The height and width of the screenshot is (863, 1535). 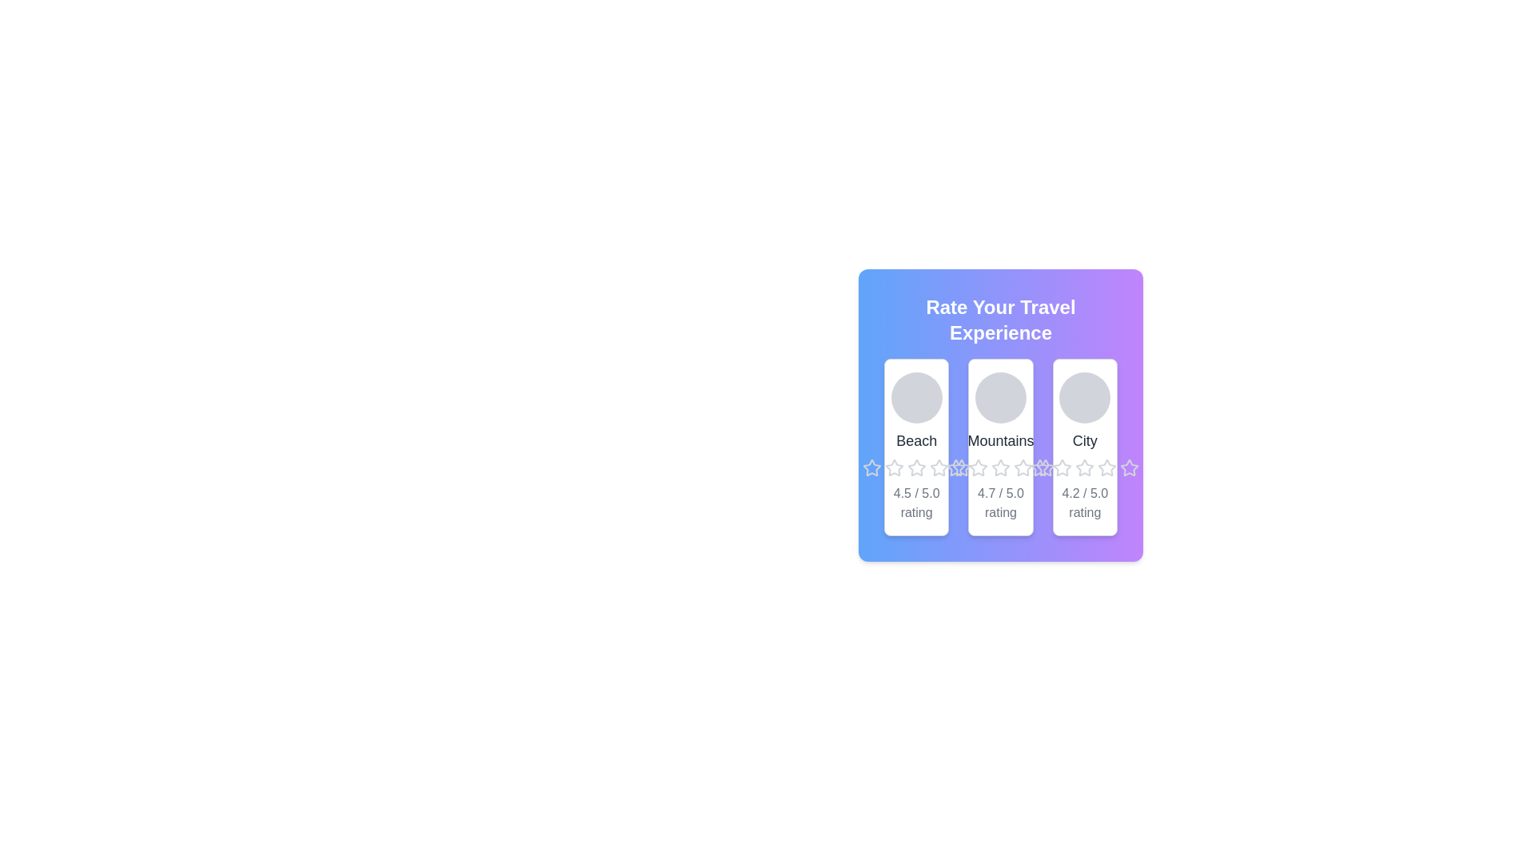 What do you see at coordinates (1085, 467) in the screenshot?
I see `the third star-shaped icon in the rating interface under the 'City' category to provide visual feedback` at bounding box center [1085, 467].